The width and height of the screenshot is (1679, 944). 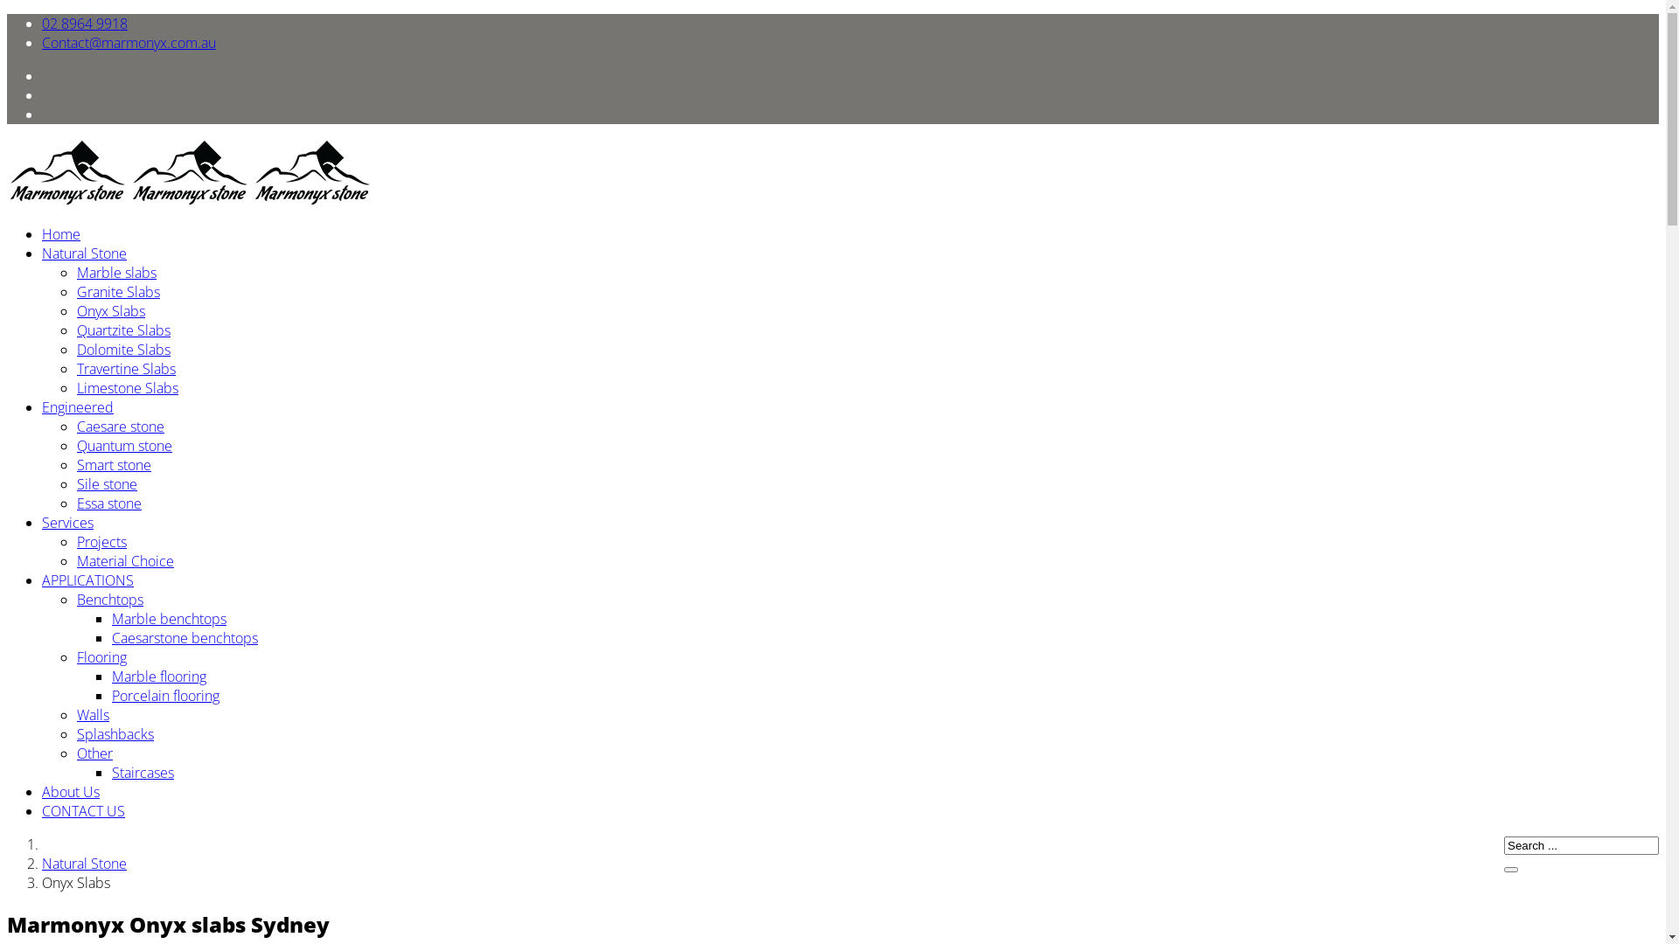 What do you see at coordinates (83, 862) in the screenshot?
I see `'Natural Stone'` at bounding box center [83, 862].